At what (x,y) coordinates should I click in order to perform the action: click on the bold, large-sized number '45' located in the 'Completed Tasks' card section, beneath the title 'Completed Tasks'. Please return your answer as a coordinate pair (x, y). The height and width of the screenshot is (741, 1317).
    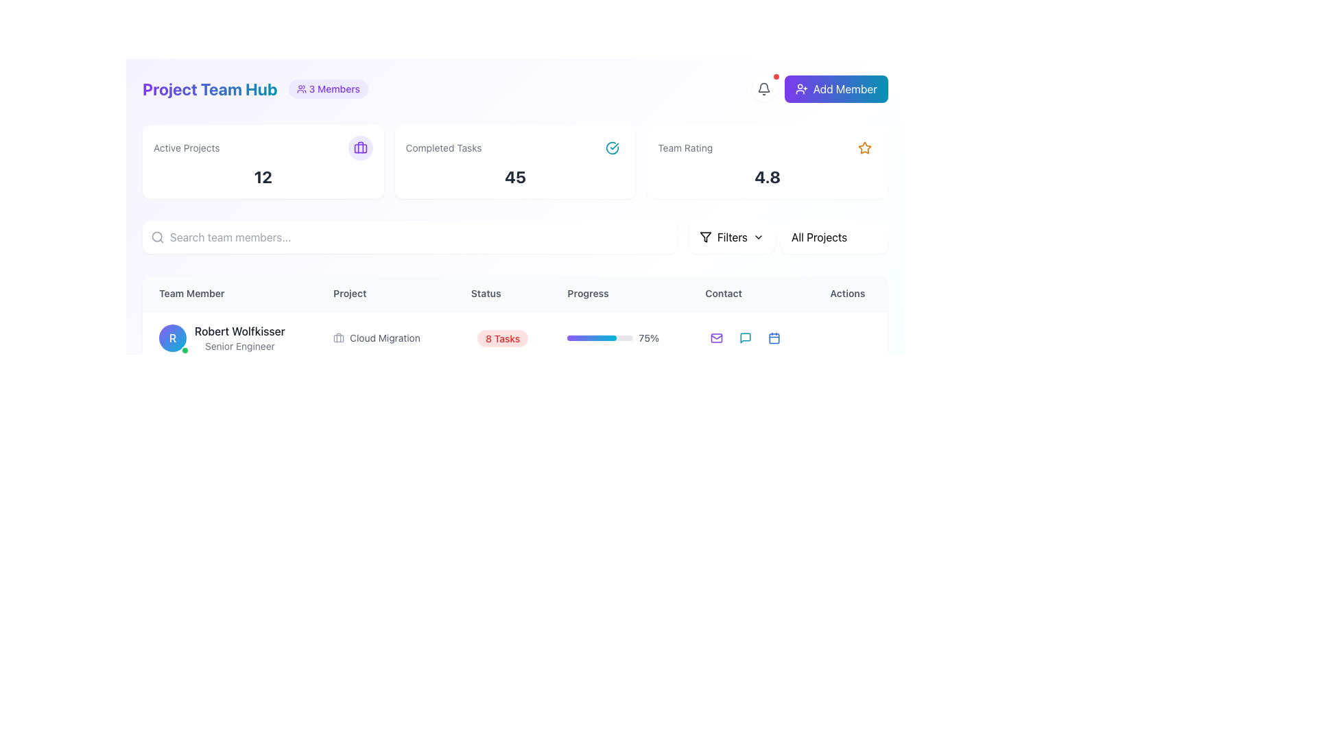
    Looking at the image, I should click on (514, 176).